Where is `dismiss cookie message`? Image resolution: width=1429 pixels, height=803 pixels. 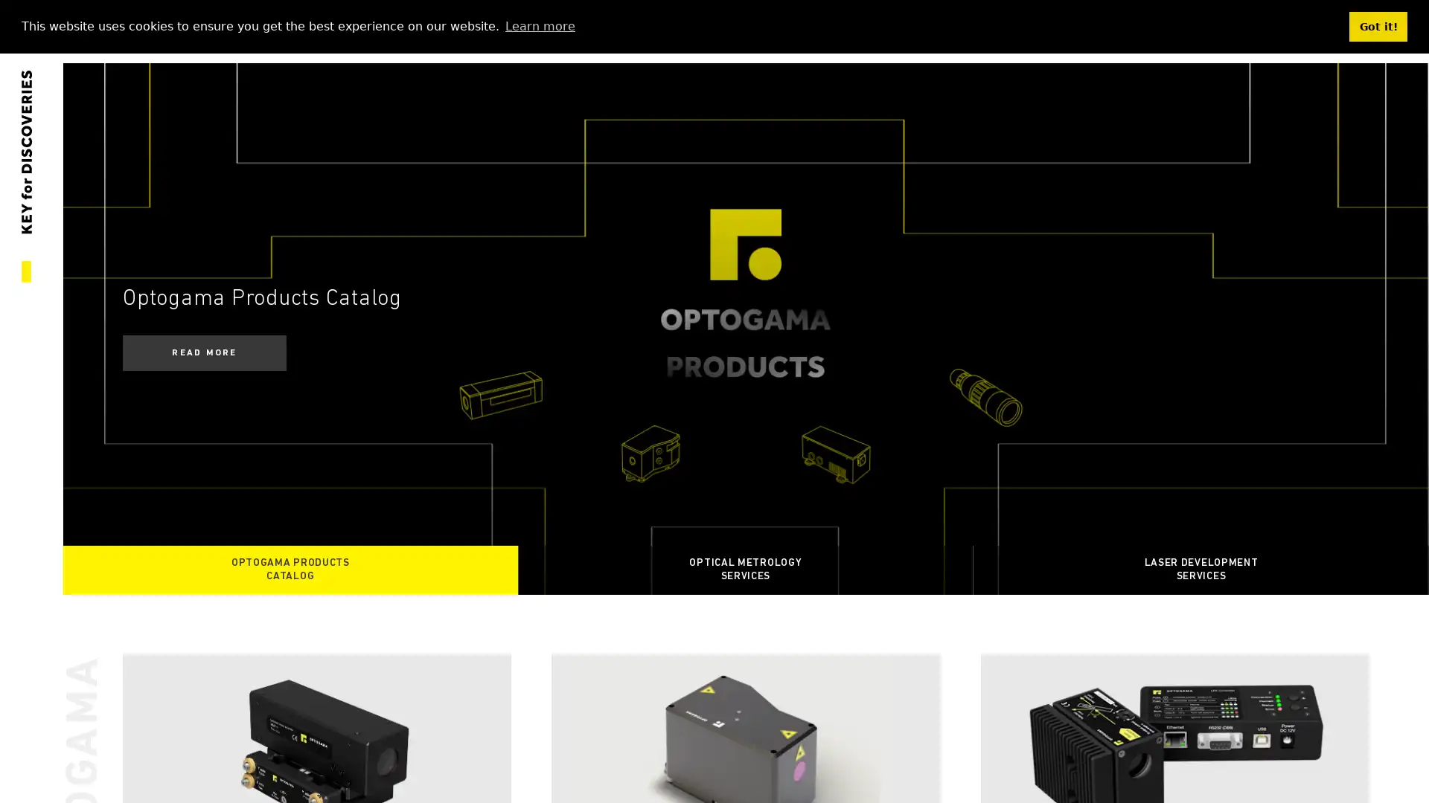 dismiss cookie message is located at coordinates (1378, 26).